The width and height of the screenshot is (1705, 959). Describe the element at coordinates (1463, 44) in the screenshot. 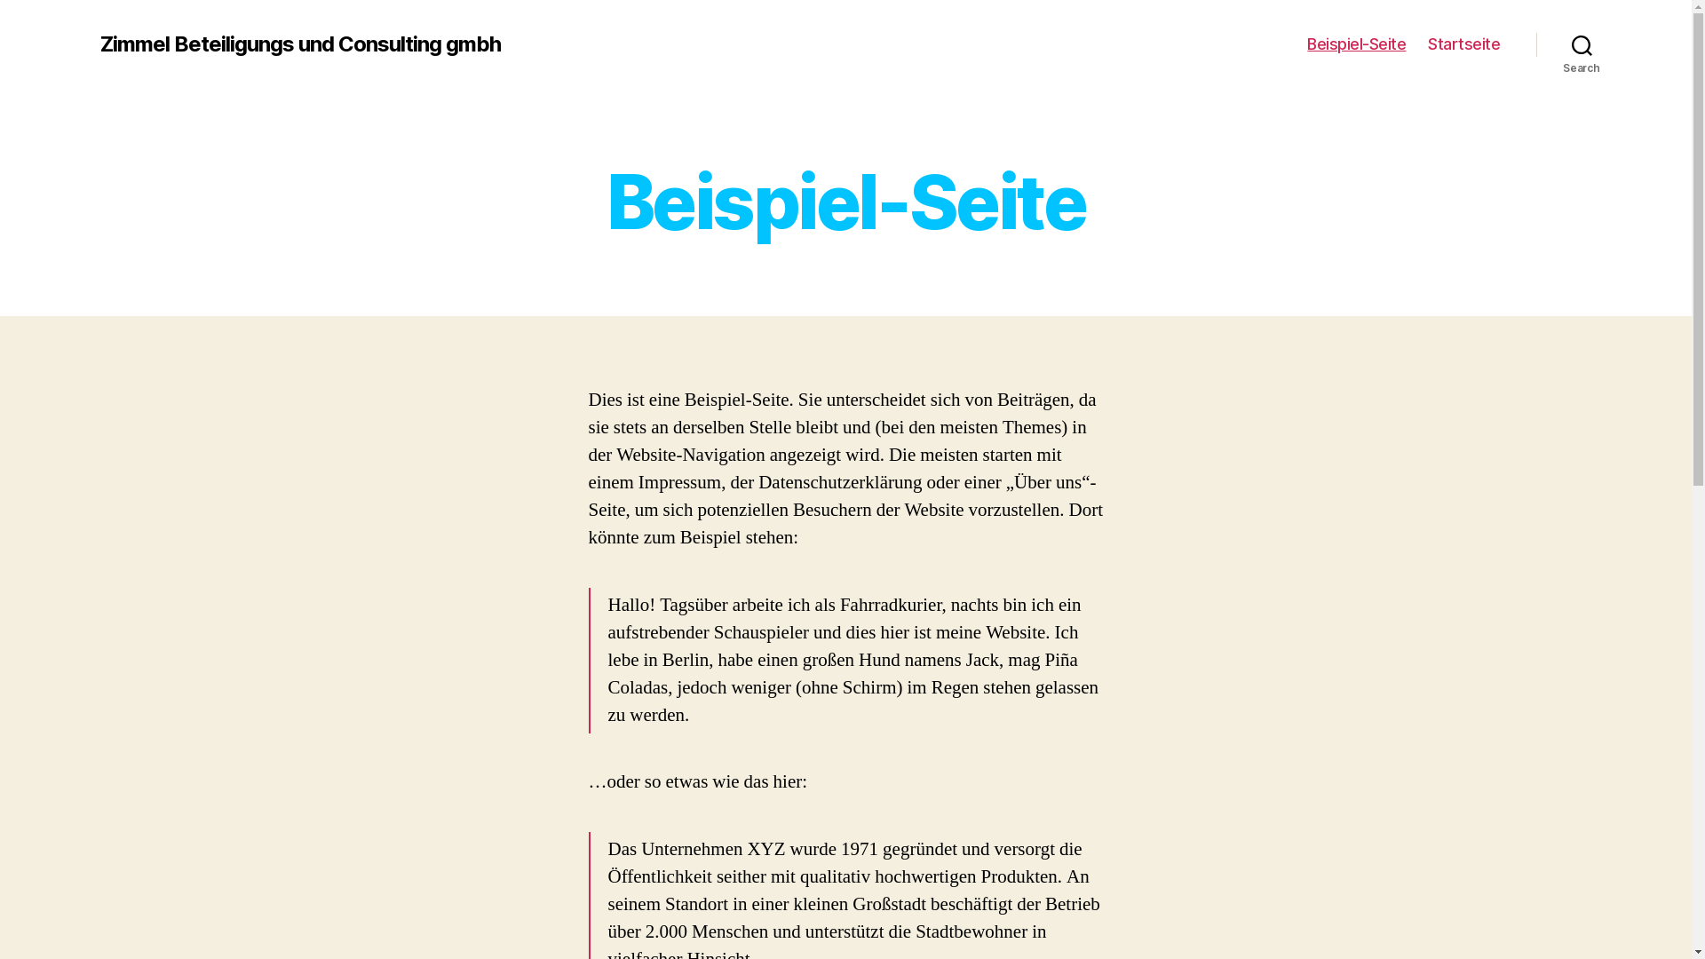

I see `'Startseite'` at that location.